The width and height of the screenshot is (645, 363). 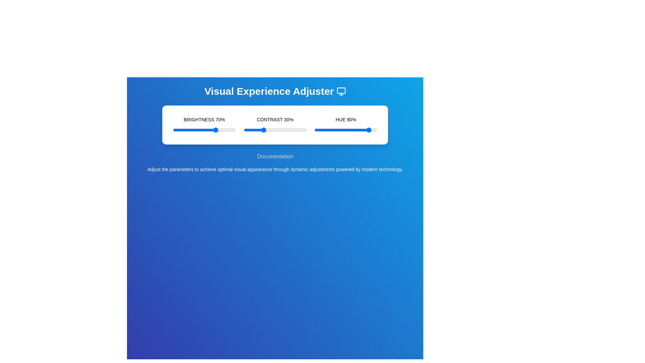 What do you see at coordinates (220, 130) in the screenshot?
I see `the brightness slider to set the brightness level to 75%` at bounding box center [220, 130].